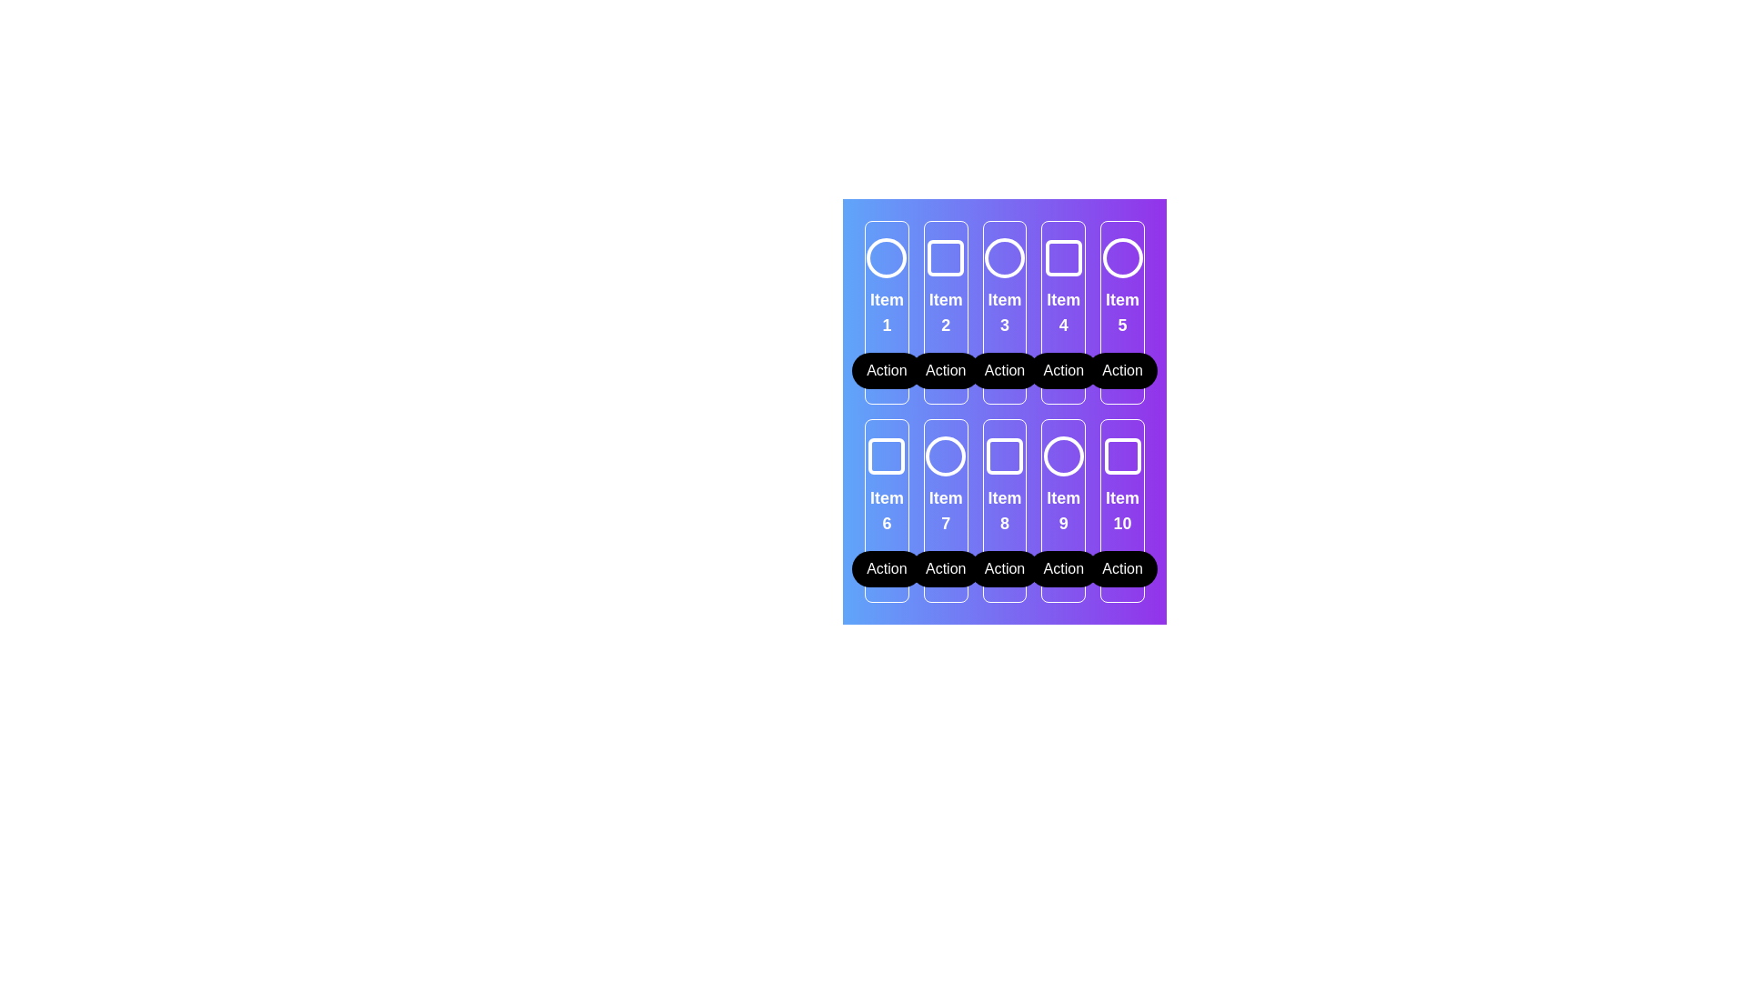 The width and height of the screenshot is (1746, 982). Describe the element at coordinates (1121, 567) in the screenshot. I see `the 'Action' button, a black rounded rectangular button with white text, located at the bottom of the 'Item 10' panel` at that location.